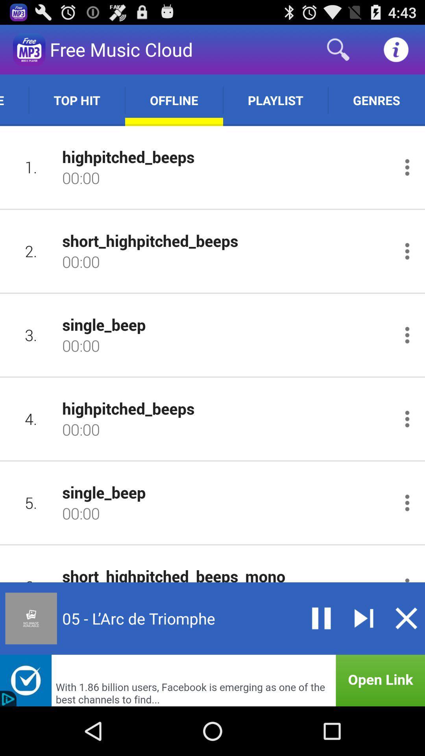 Image resolution: width=425 pixels, height=756 pixels. What do you see at coordinates (31, 502) in the screenshot?
I see `icon to the left of single_beep` at bounding box center [31, 502].